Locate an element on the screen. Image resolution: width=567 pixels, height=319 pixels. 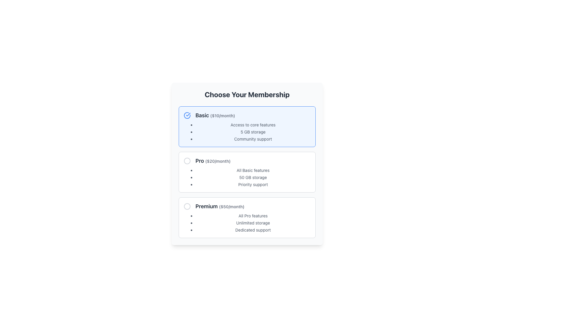
the static text label providing price information for the 'Basic' membership tier, which is positioned to the immediate right of the bold text 'Basic' in the 'Basic ($10/month)' section is located at coordinates (222, 115).